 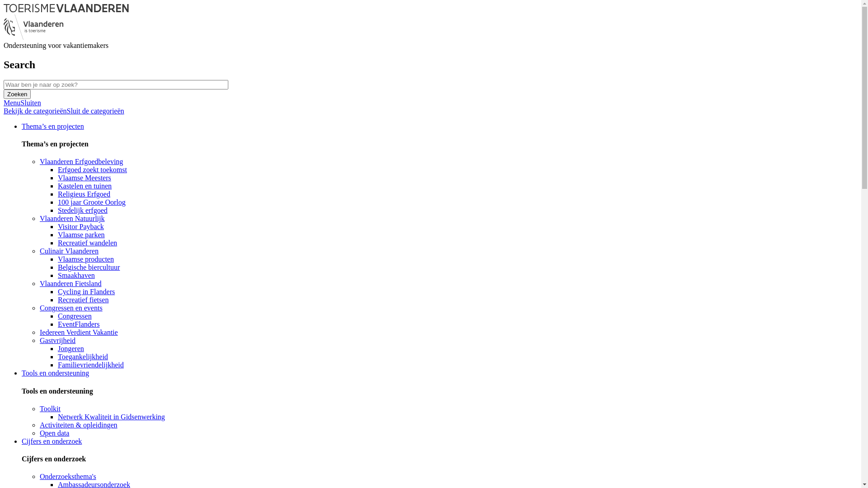 I want to click on 'Kastelen en tuinen', so click(x=85, y=185).